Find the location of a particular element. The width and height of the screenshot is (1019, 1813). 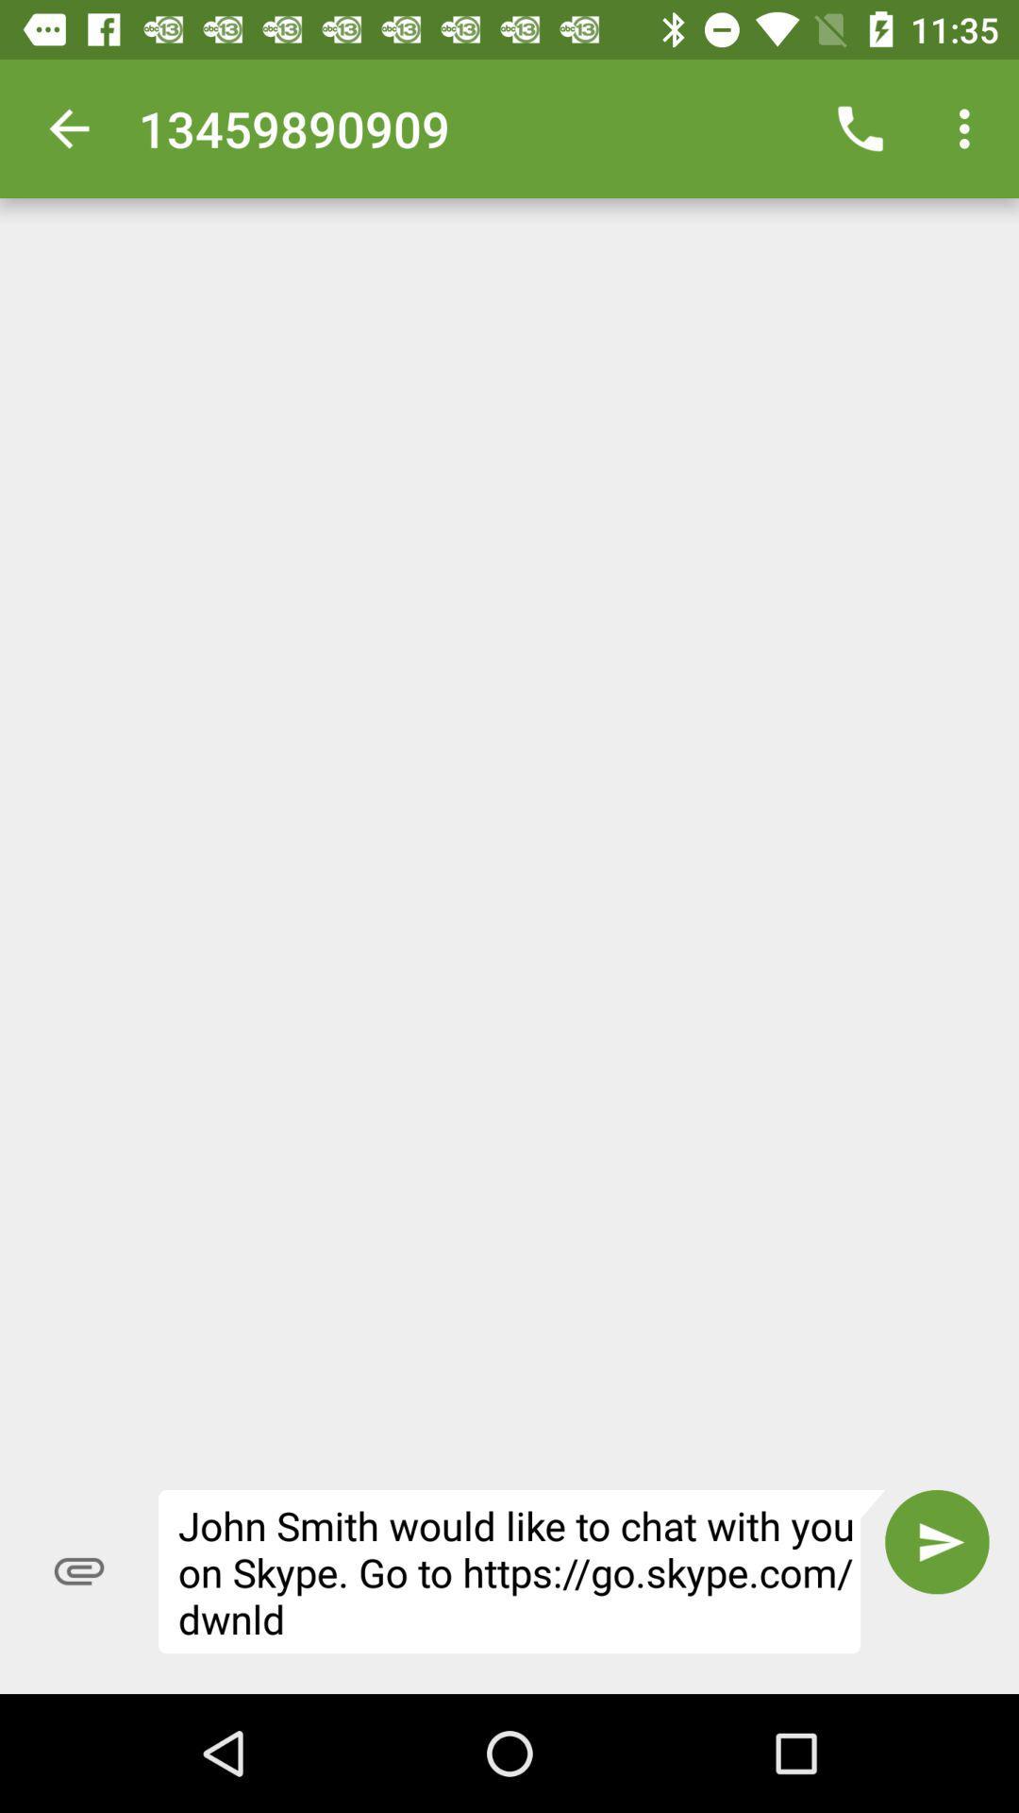

icon next to 13459890909 icon is located at coordinates (68, 127).